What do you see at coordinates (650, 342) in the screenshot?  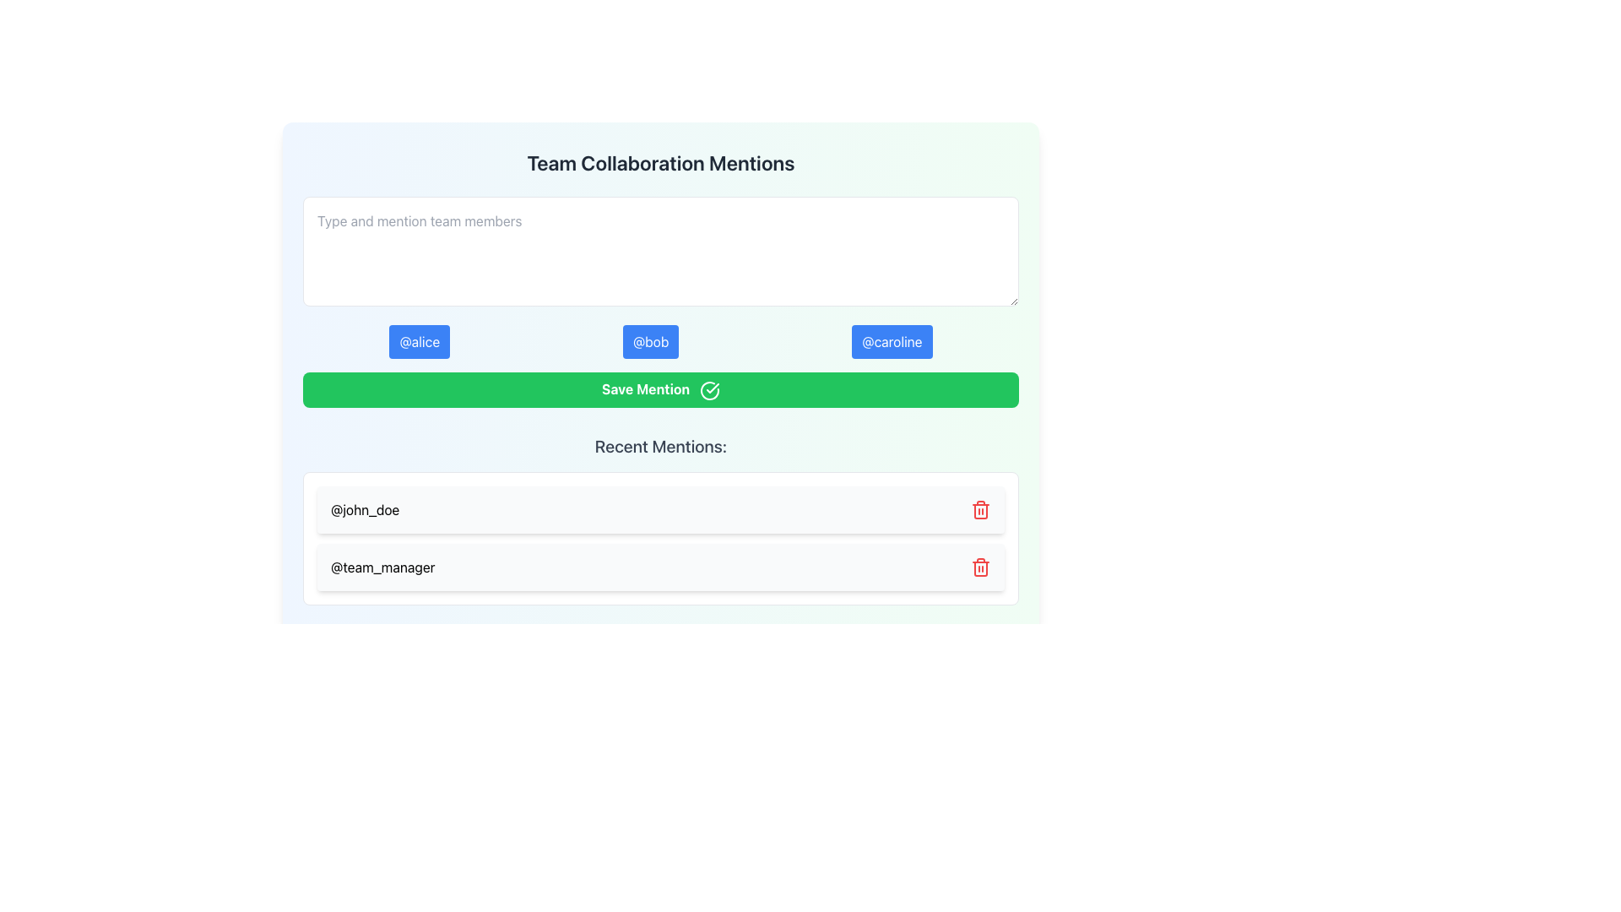 I see `the button for mentioning '@bob', which is the middle button in a group of three buttons located below a text input field and above a green 'Save Mention' button` at bounding box center [650, 342].